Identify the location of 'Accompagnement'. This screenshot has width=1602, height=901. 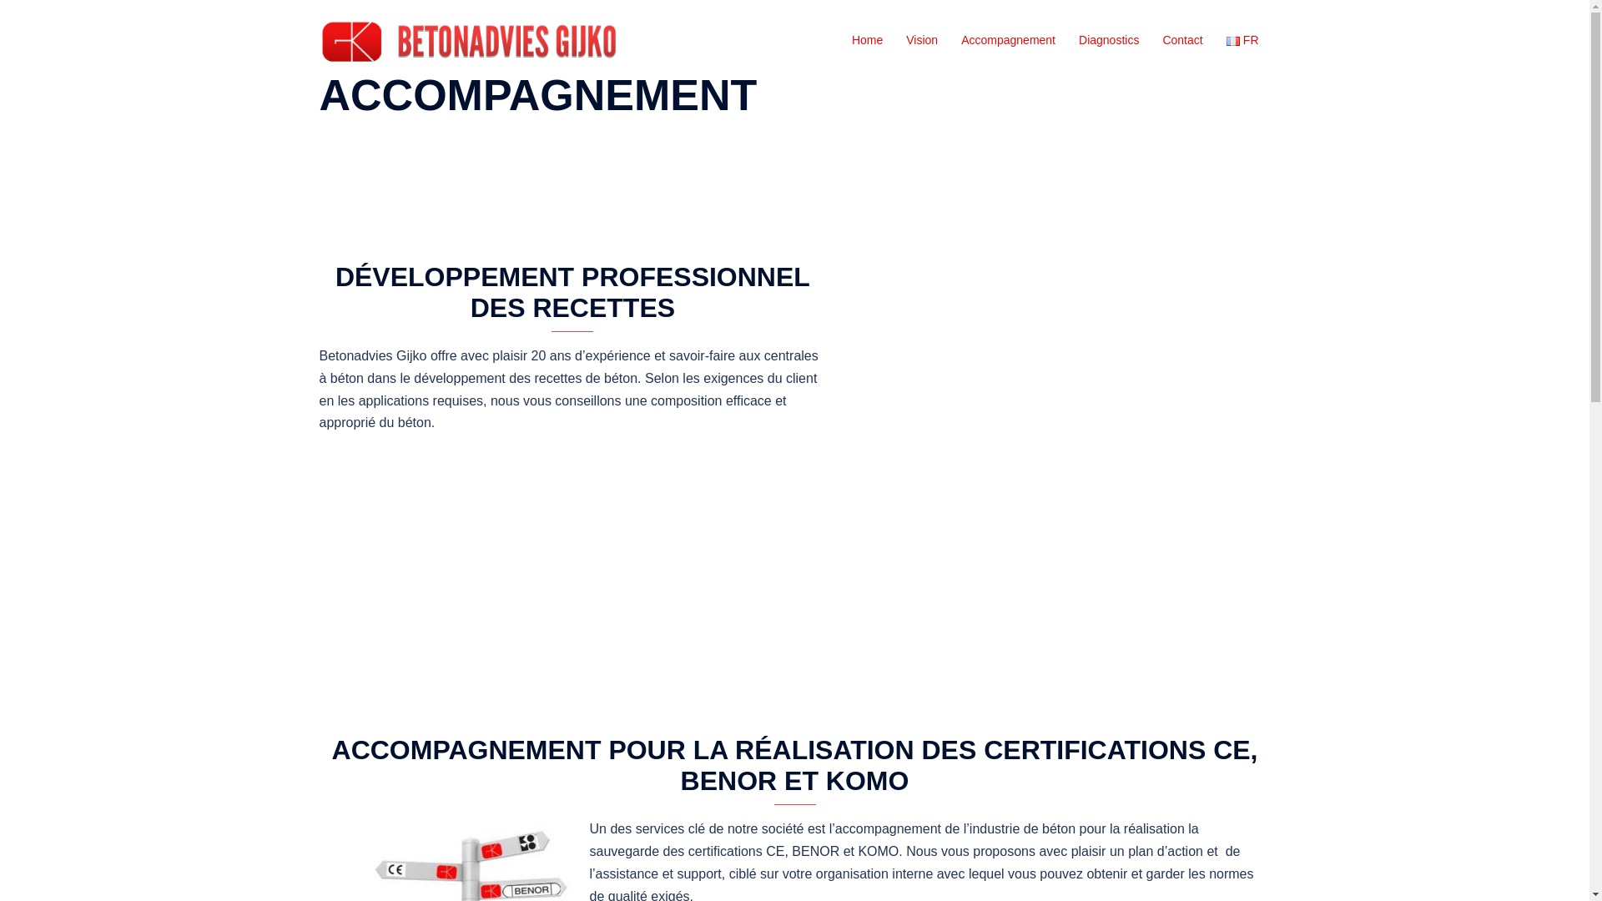
(1007, 40).